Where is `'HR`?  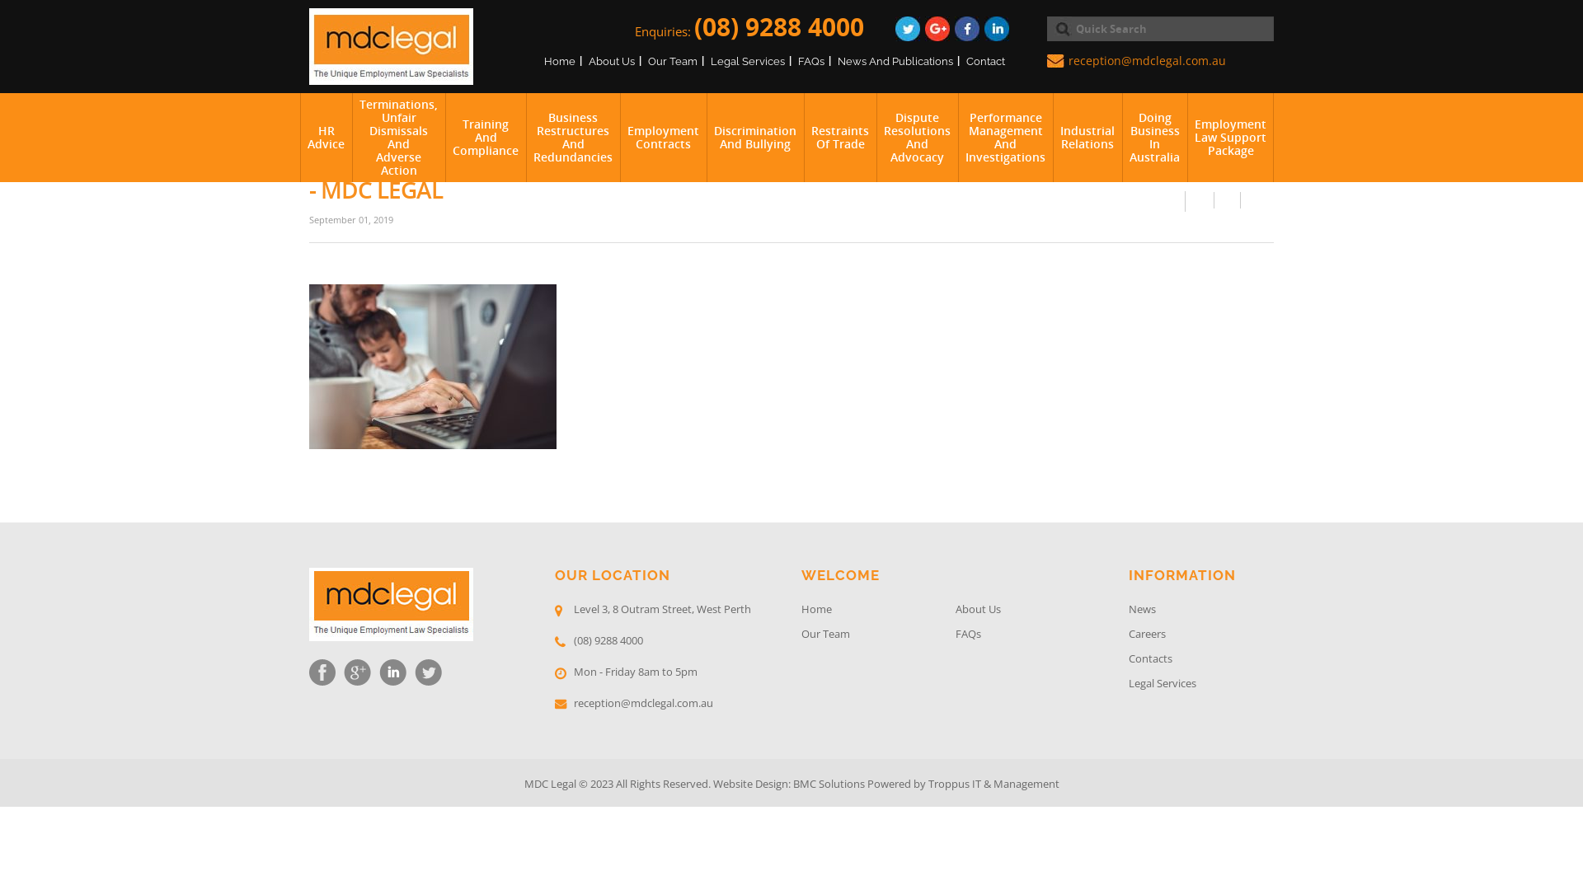 'HR is located at coordinates (326, 136).